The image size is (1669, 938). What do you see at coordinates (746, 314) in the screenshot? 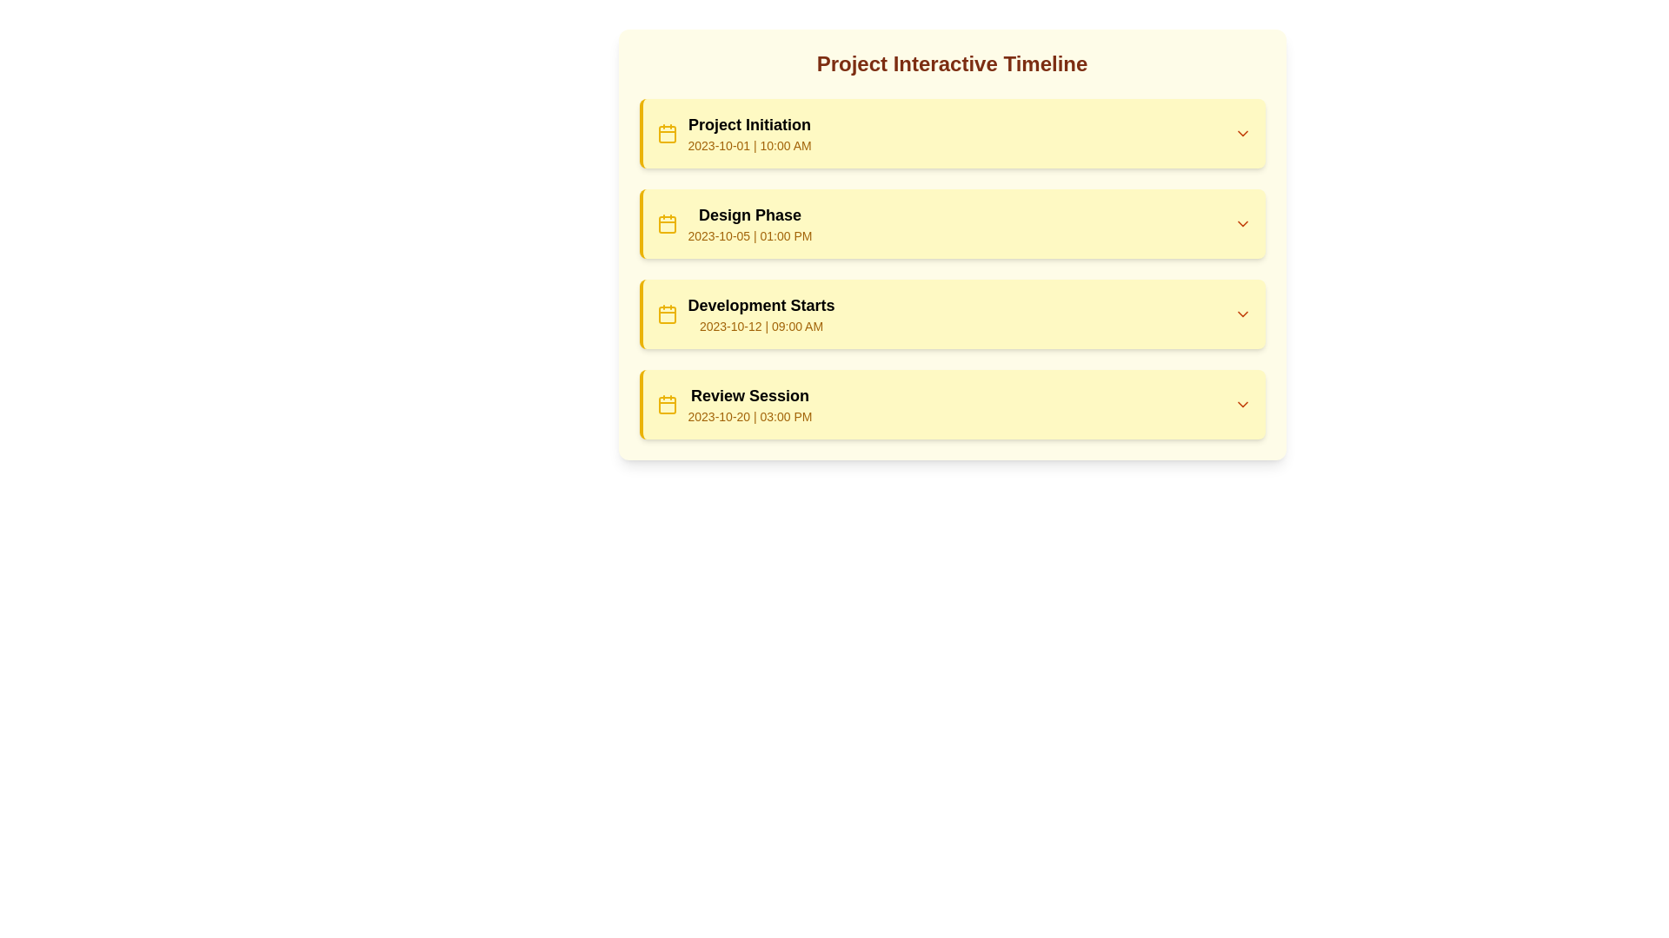
I see `the Text Display with Icon that represents the start date and time of the 'Development Starts' phase, which is the third element in a vertically stacked list of cards` at bounding box center [746, 314].